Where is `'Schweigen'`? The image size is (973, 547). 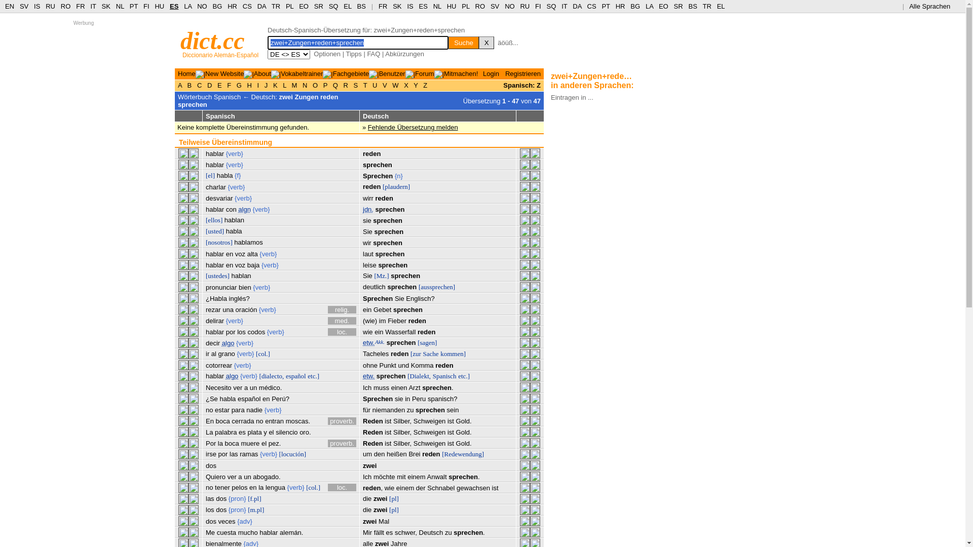 'Schweigen' is located at coordinates (430, 443).